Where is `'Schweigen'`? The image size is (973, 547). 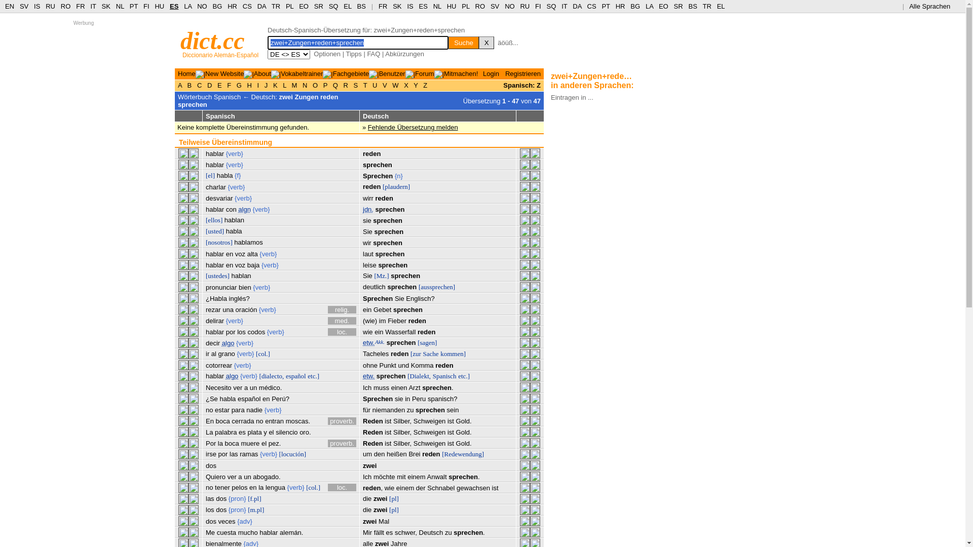 'Schweigen' is located at coordinates (430, 443).